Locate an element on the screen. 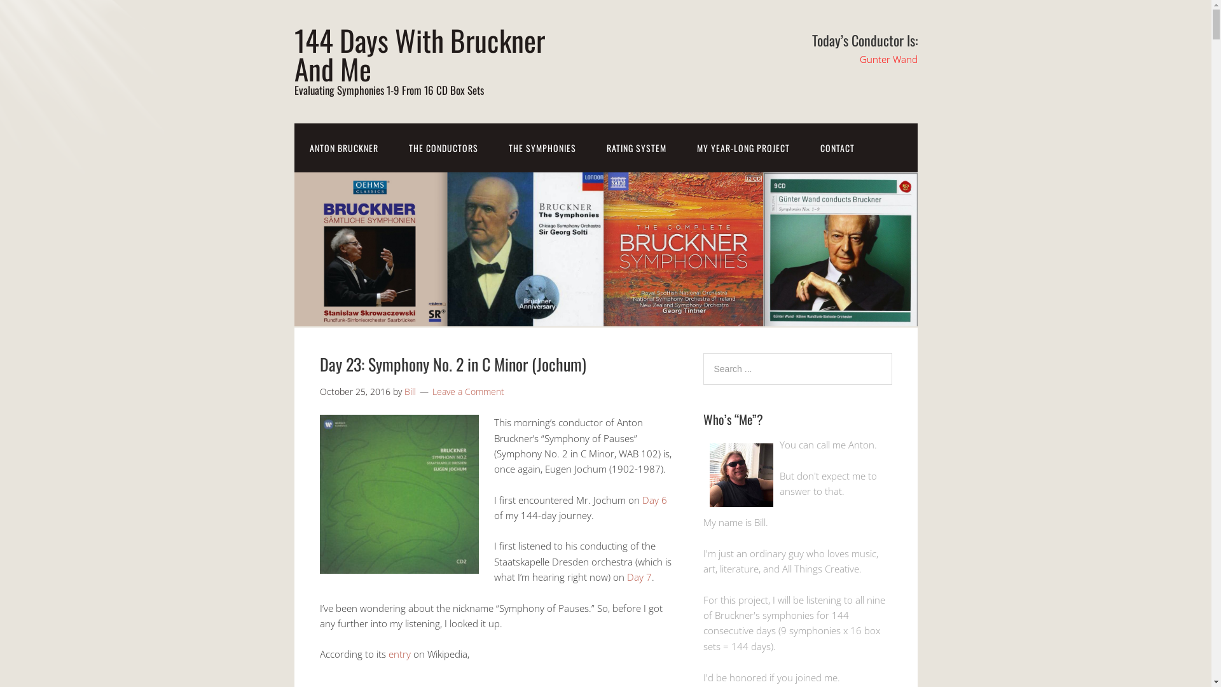 Image resolution: width=1221 pixels, height=687 pixels. 'Day 7' is located at coordinates (639, 576).